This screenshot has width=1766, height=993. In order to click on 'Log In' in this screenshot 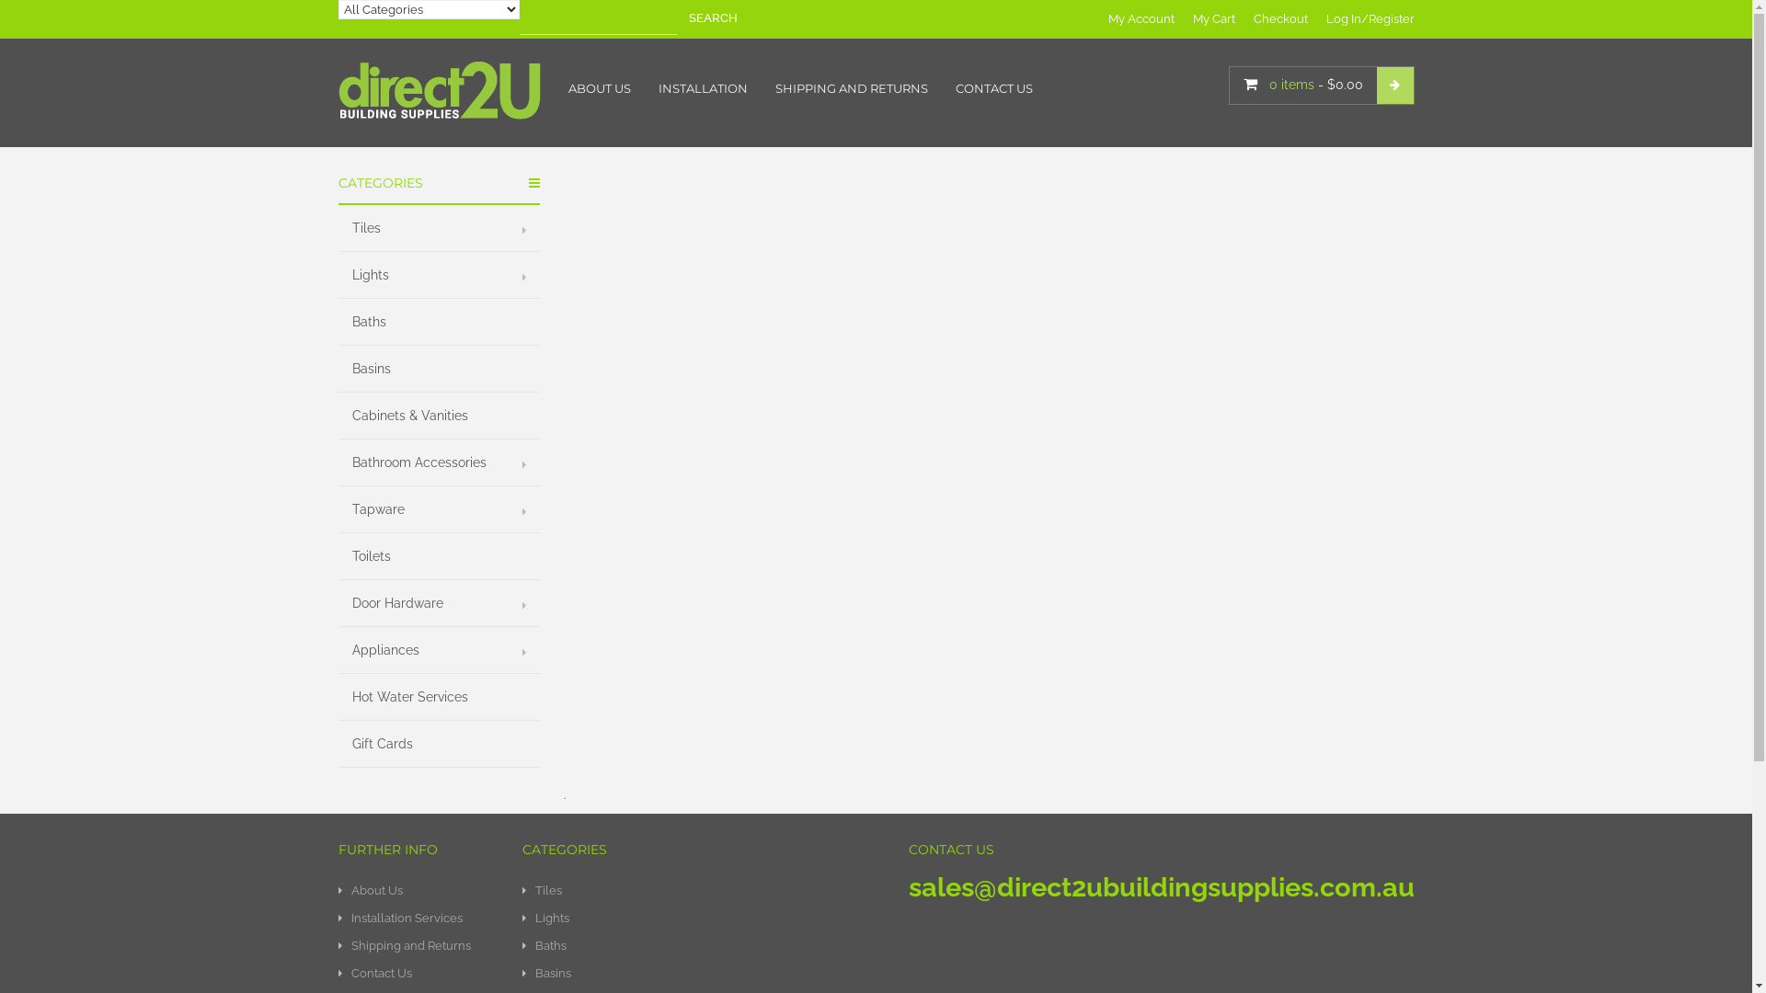, I will do `click(1343, 18)`.